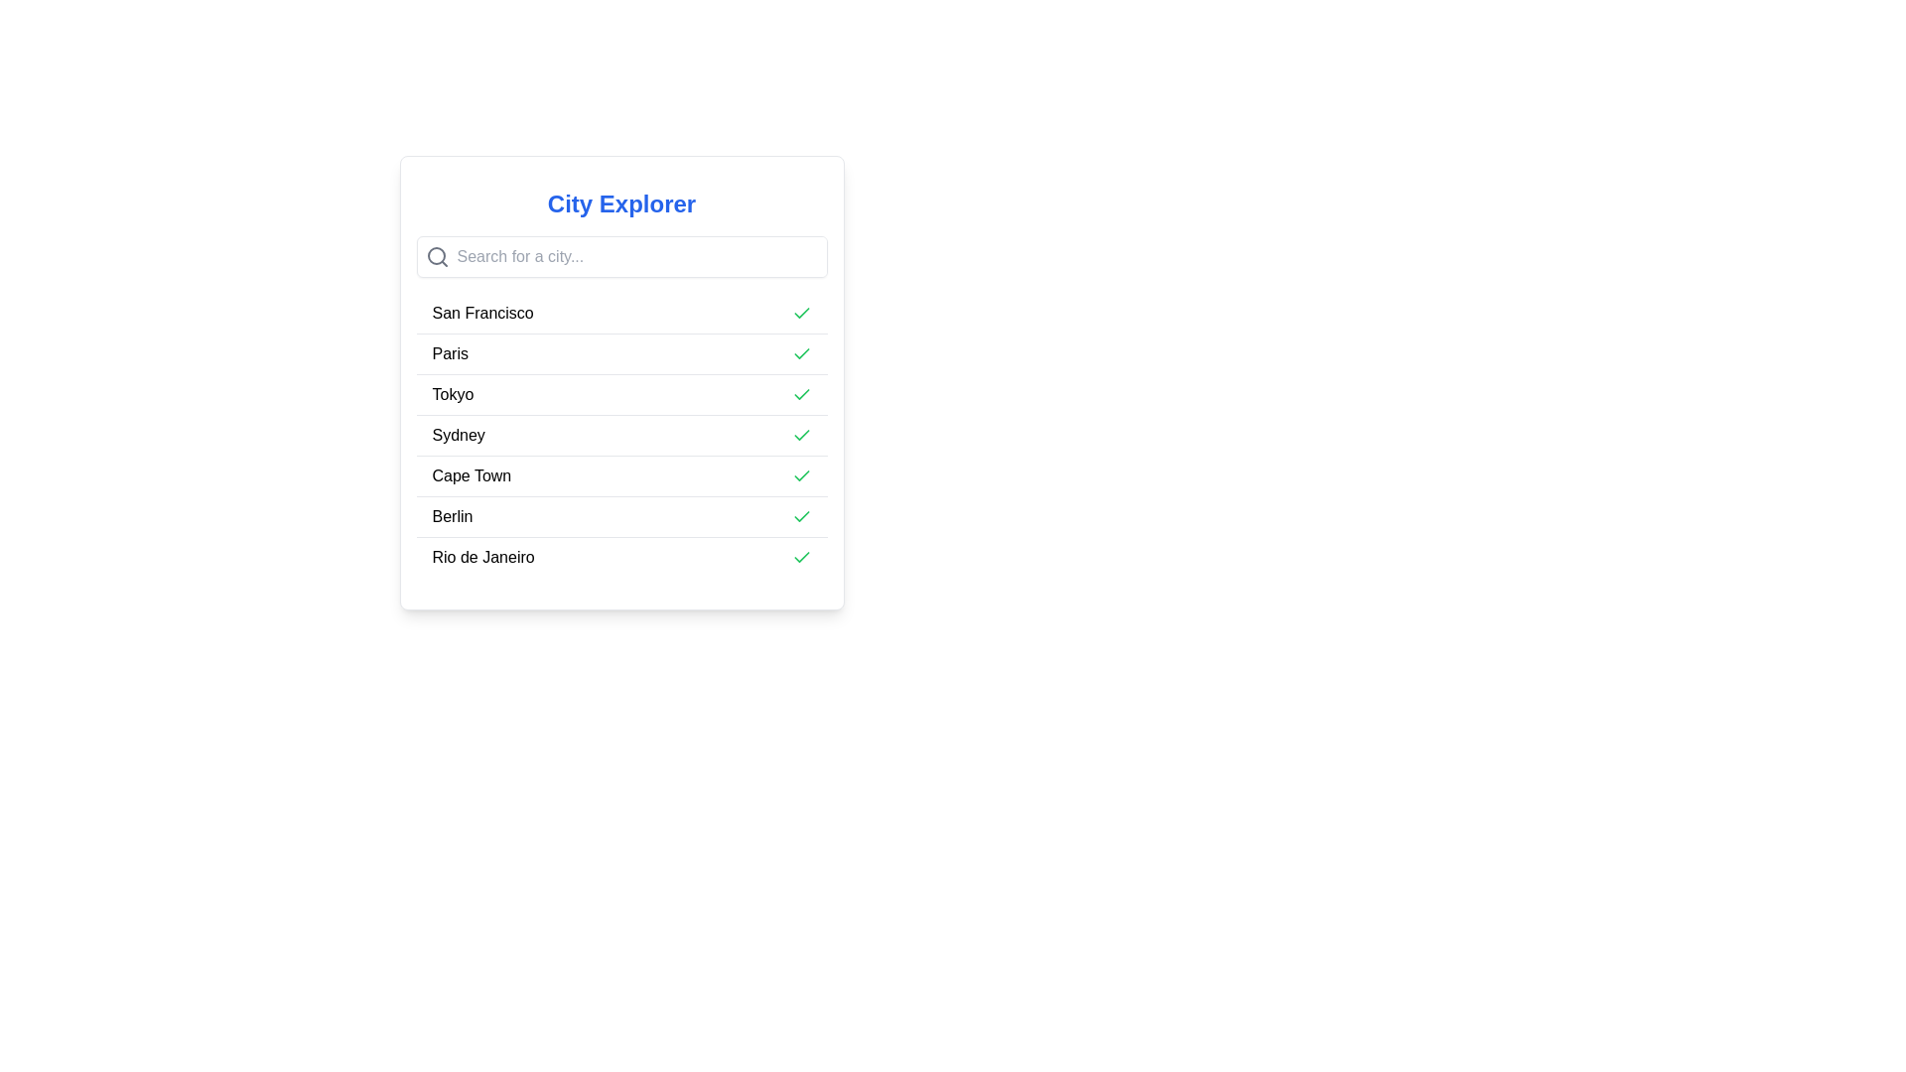 The width and height of the screenshot is (1906, 1072). I want to click on the third list item labeled 'Tokyo', so click(620, 382).